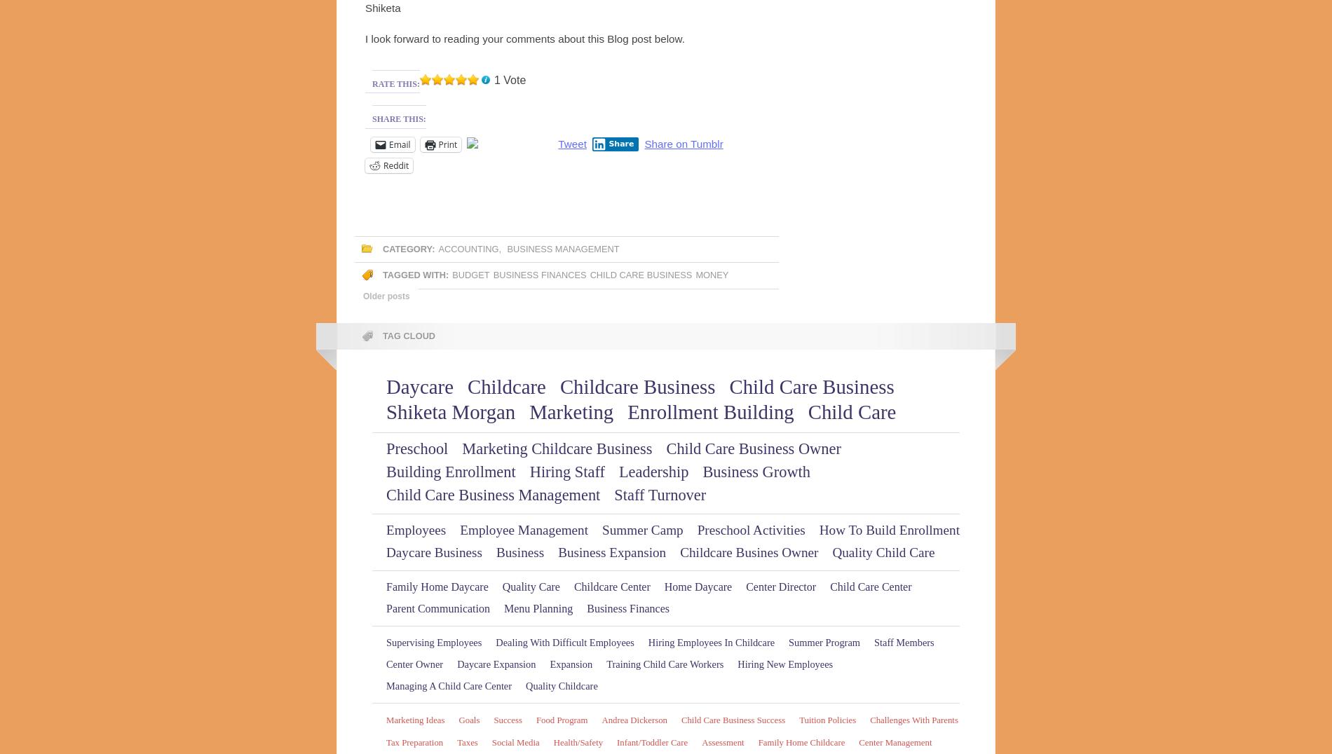  Describe the element at coordinates (785, 663) in the screenshot. I see `'Hiring New Employees'` at that location.